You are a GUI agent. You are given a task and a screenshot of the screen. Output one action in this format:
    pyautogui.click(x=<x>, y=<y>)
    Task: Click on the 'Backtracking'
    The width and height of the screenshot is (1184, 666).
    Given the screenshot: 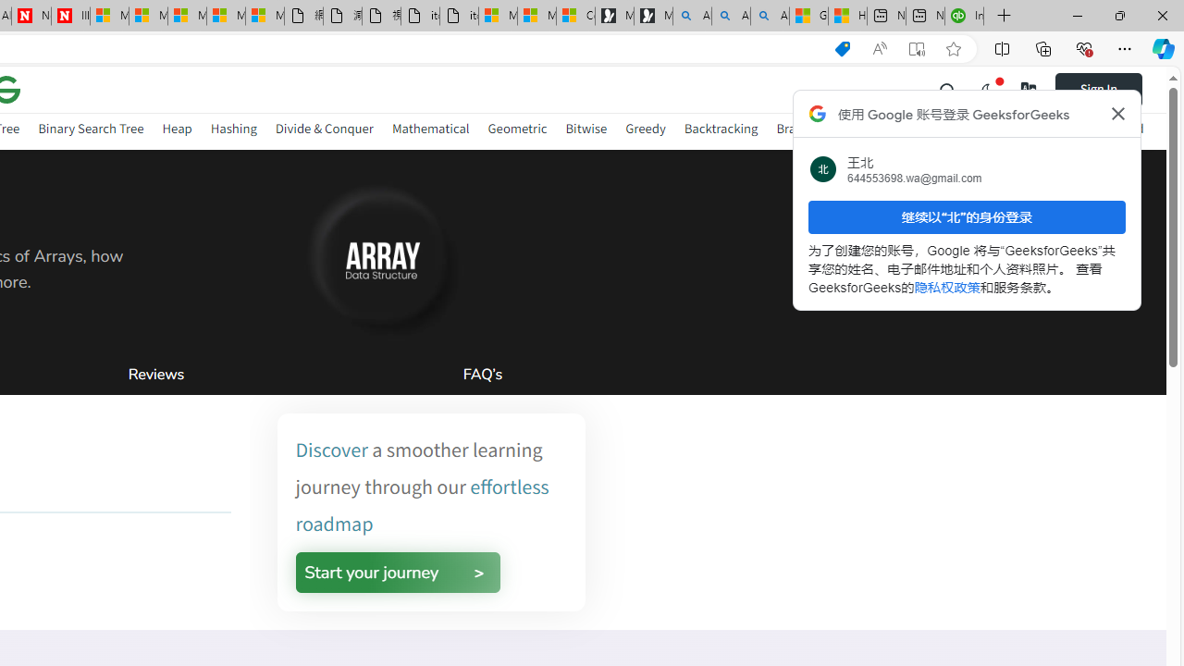 What is the action you would take?
    pyautogui.click(x=720, y=128)
    